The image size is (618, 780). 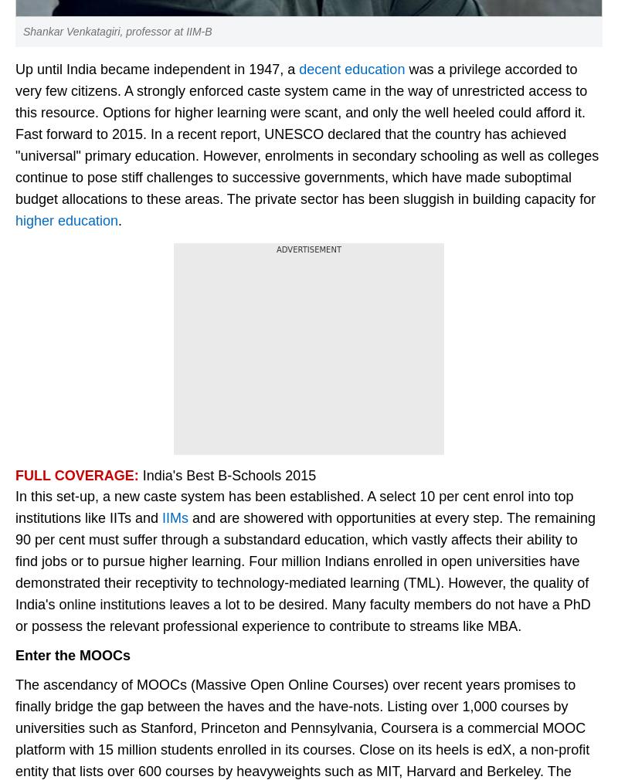 I want to click on 'was a privilege accorded to very few citizens. A strongly enforced caste system came in the way of unrestricted access to this resource. Options for higher learning were scant, and only the well heeled could afford it. Fast forward to 2015. In a recent report, UNESCO declared that the country has achieved "universal" primary education. However, enrolments in secondary schooling as well as colleges continue to pose stiff challenges to successive governments, which have made suboptimal budget allocations to these areas. The private sector has been sluggish in building capacity for', so click(x=306, y=134).